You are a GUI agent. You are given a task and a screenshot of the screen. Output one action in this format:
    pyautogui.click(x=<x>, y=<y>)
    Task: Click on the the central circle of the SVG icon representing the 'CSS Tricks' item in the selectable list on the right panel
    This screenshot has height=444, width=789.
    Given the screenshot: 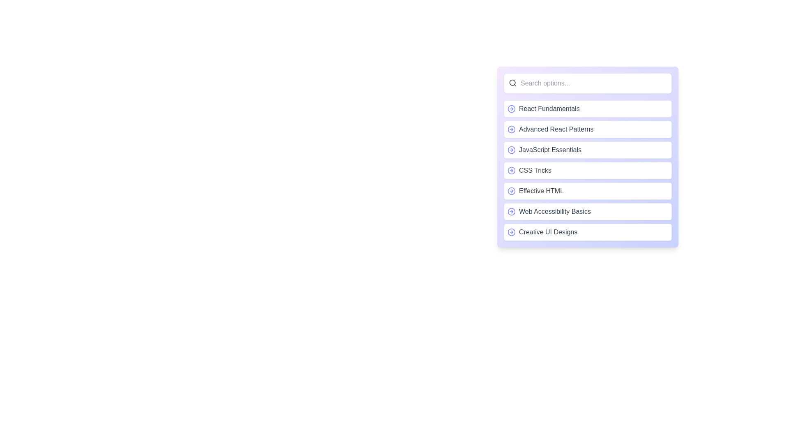 What is the action you would take?
    pyautogui.click(x=511, y=170)
    